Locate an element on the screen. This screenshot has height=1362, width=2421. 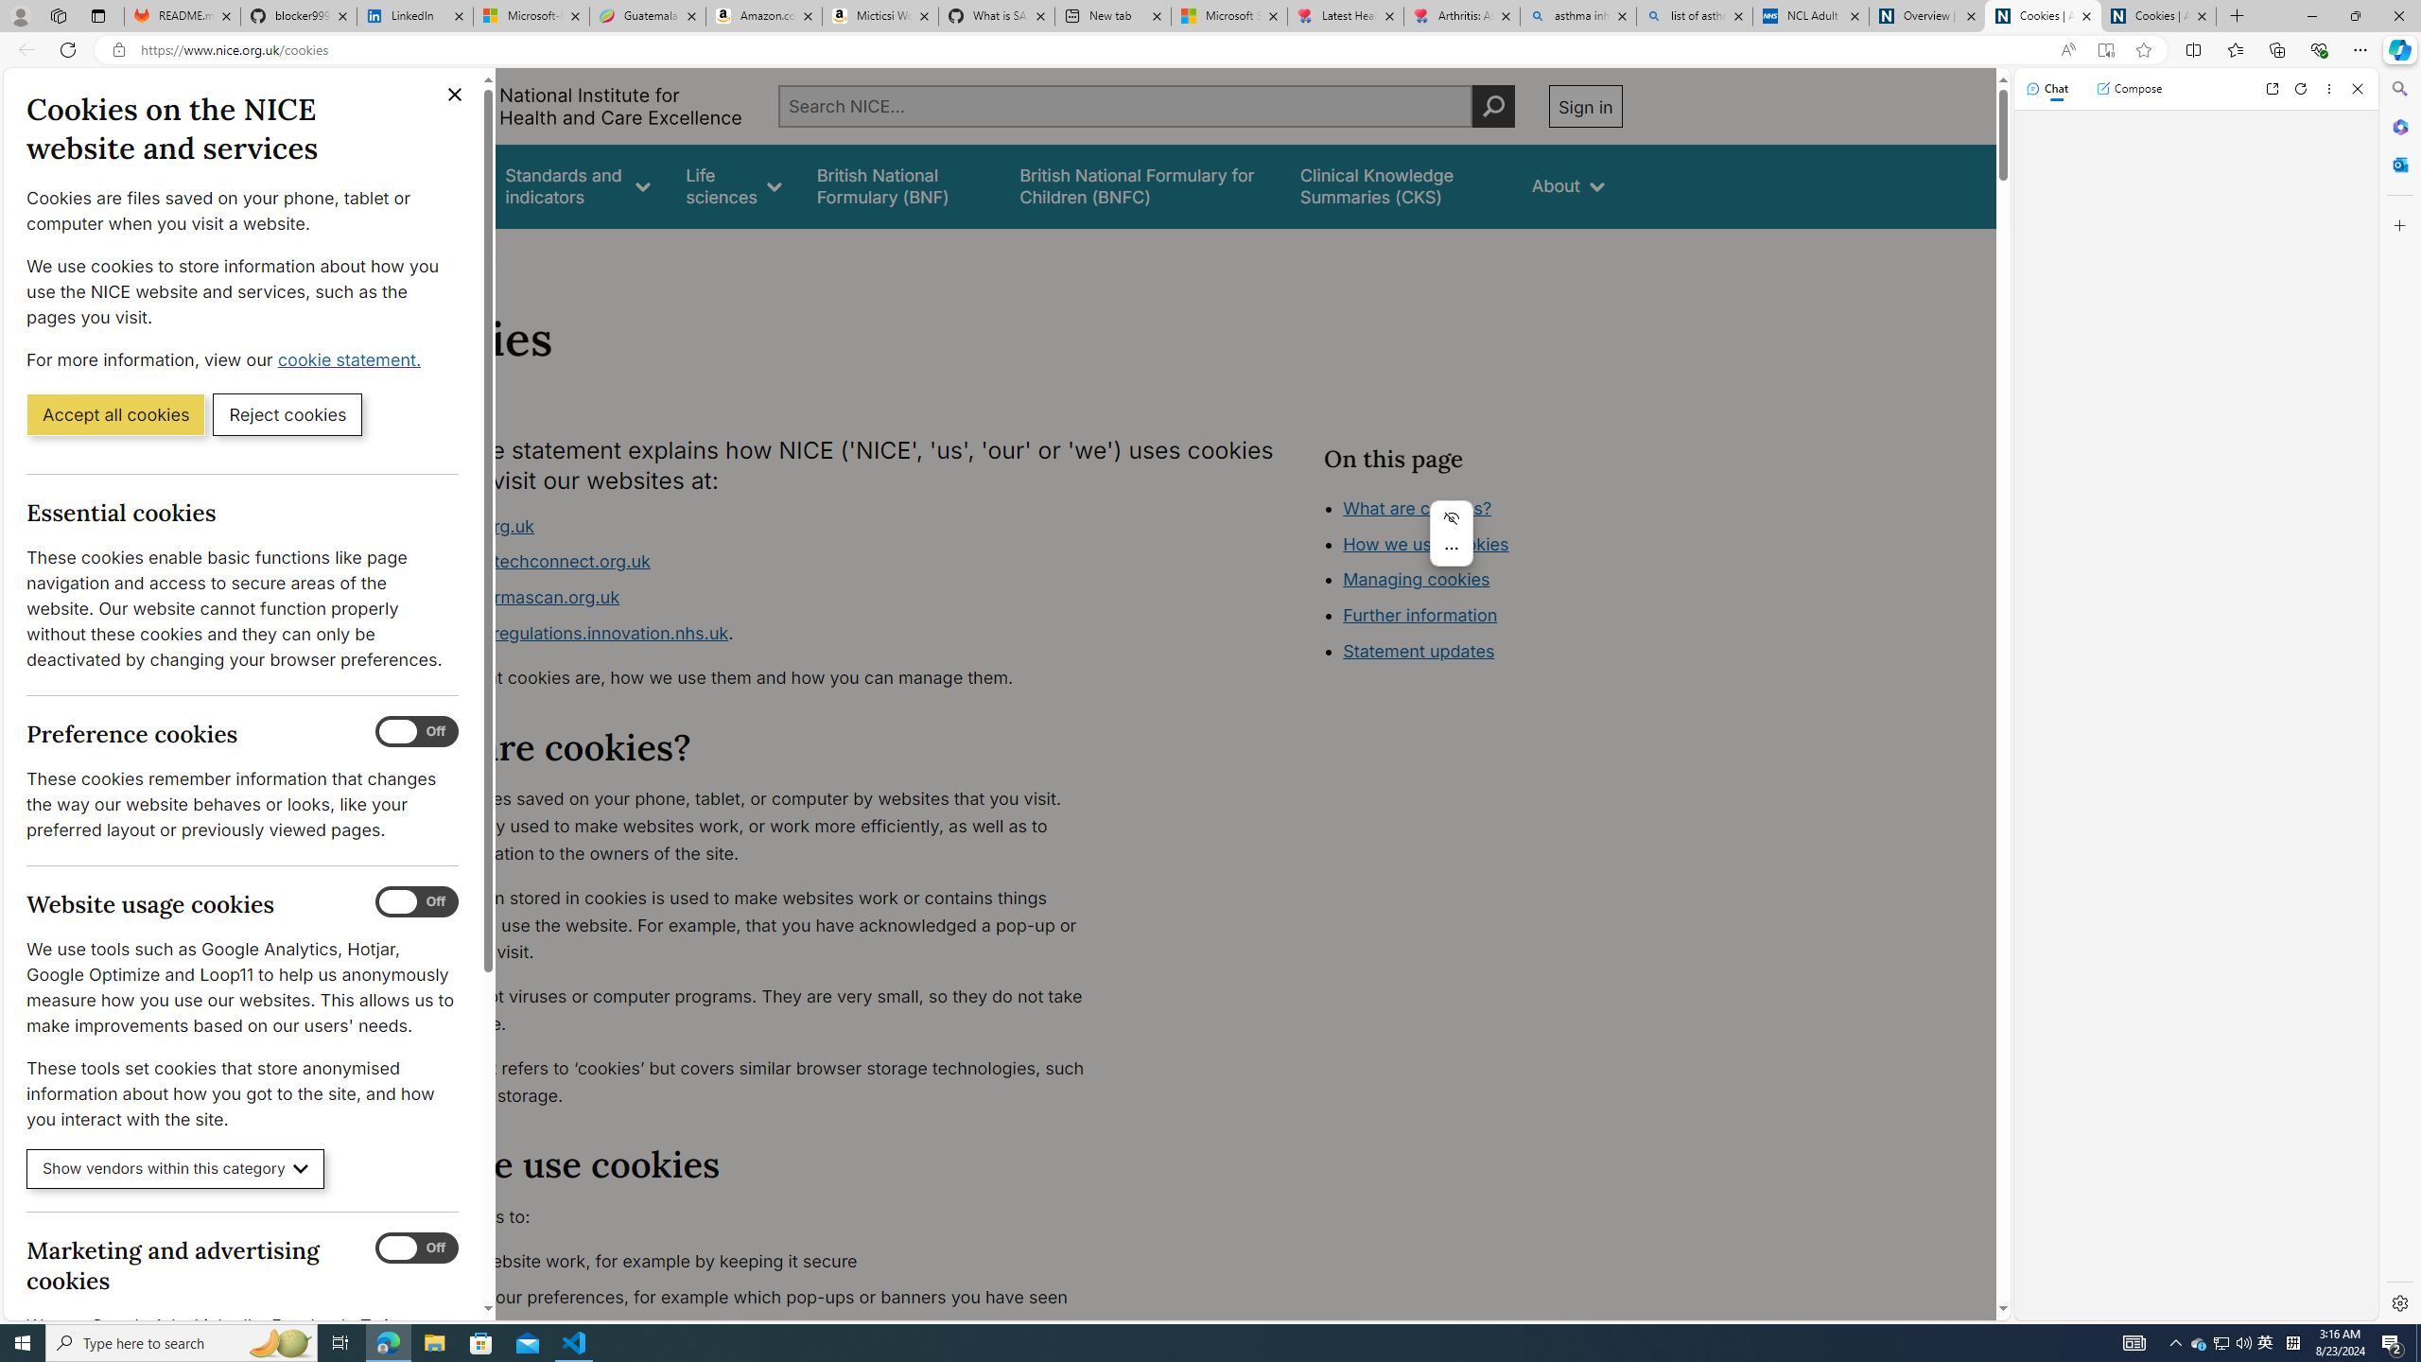
'Class: in-page-nav__list' is located at coordinates (1472, 581).